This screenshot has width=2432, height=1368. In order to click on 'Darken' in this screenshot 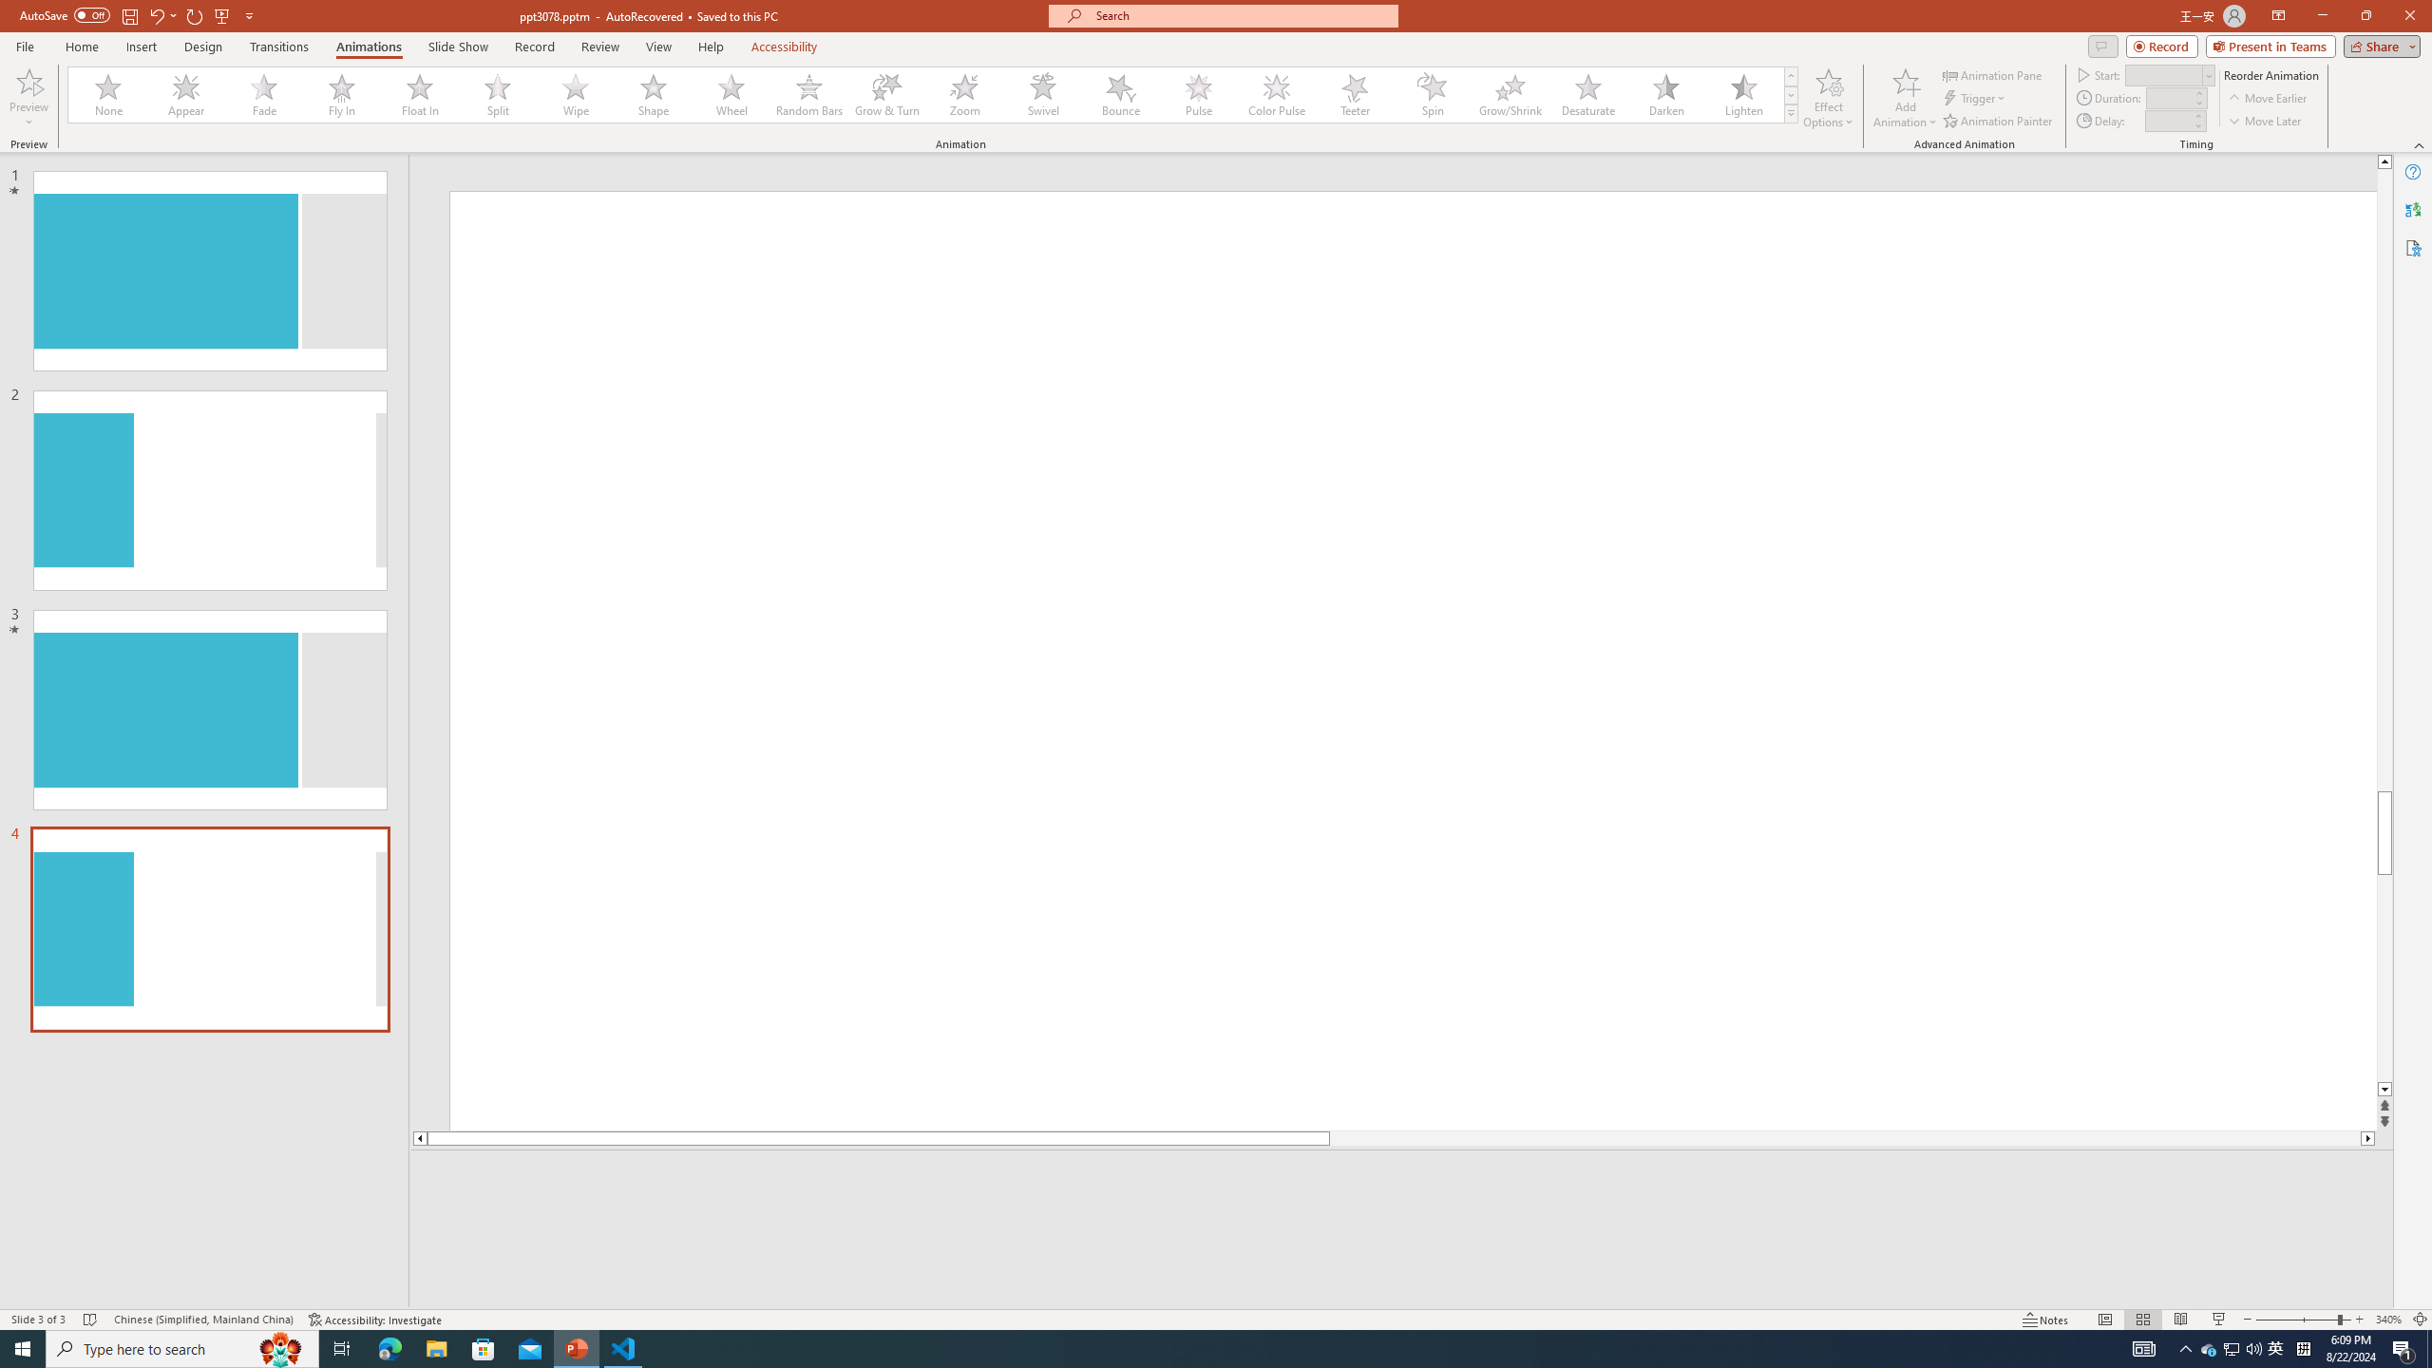, I will do `click(1664, 94)`.